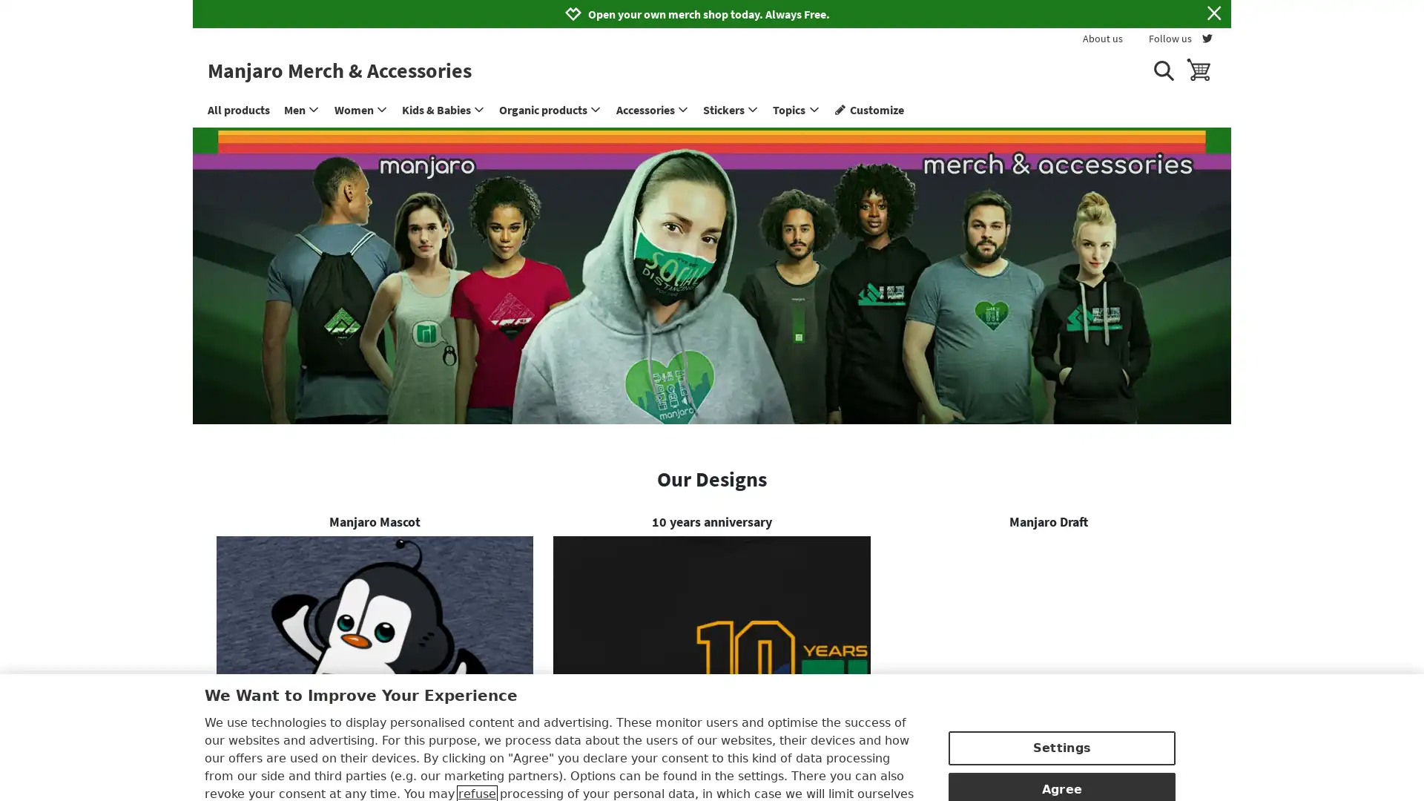 The image size is (1424, 801). What do you see at coordinates (1061, 714) in the screenshot?
I see `Agree` at bounding box center [1061, 714].